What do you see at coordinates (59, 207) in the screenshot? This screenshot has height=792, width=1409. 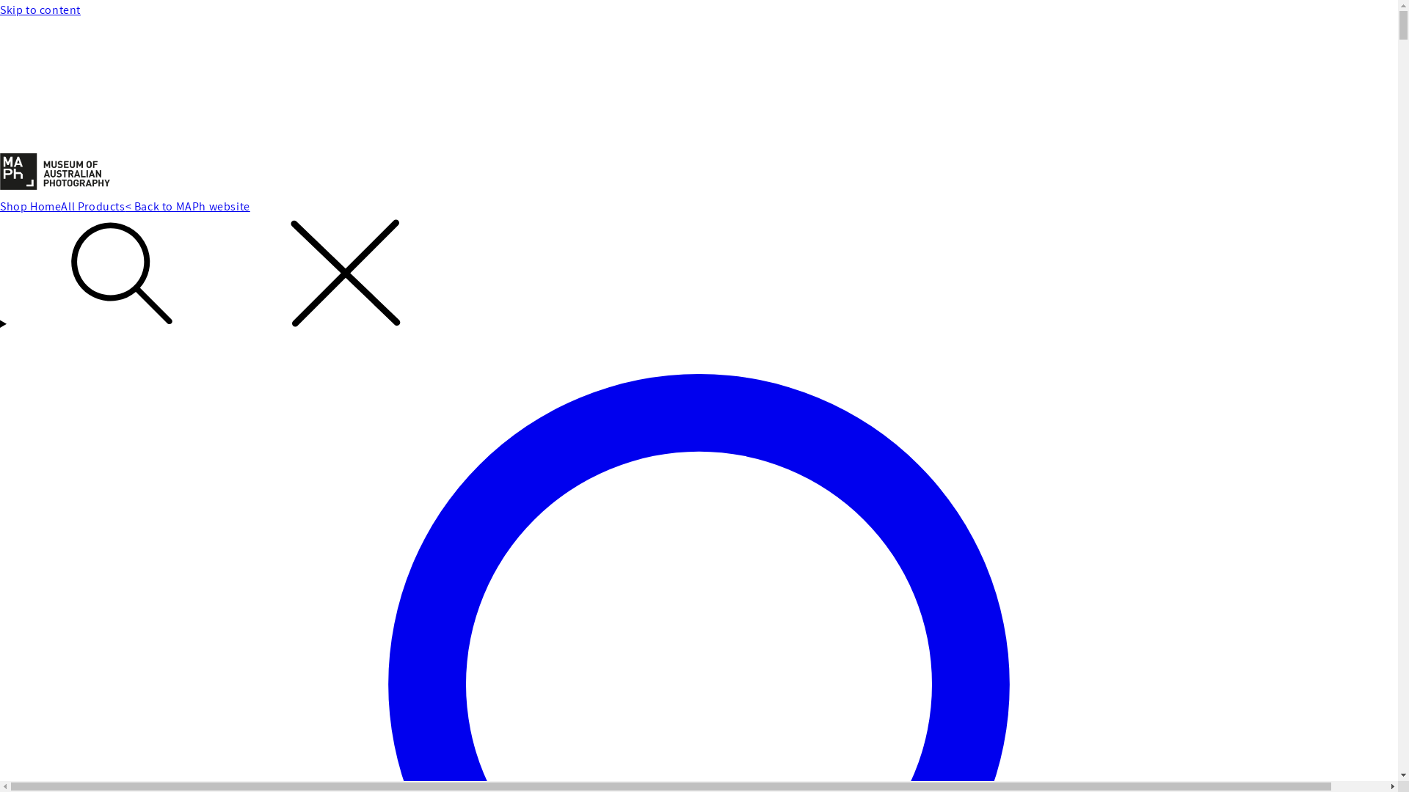 I see `'All Products'` at bounding box center [59, 207].